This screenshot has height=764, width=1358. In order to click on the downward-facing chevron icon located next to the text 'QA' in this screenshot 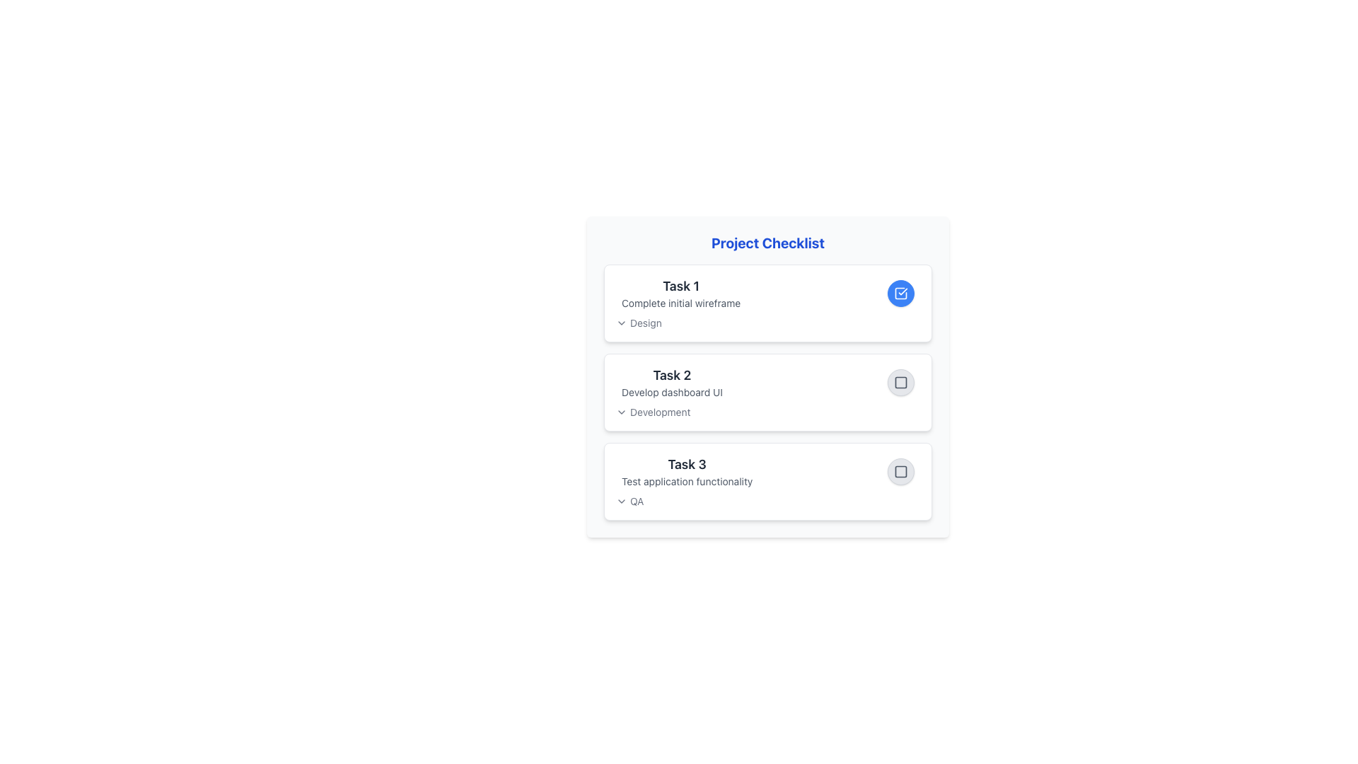, I will do `click(621, 501)`.